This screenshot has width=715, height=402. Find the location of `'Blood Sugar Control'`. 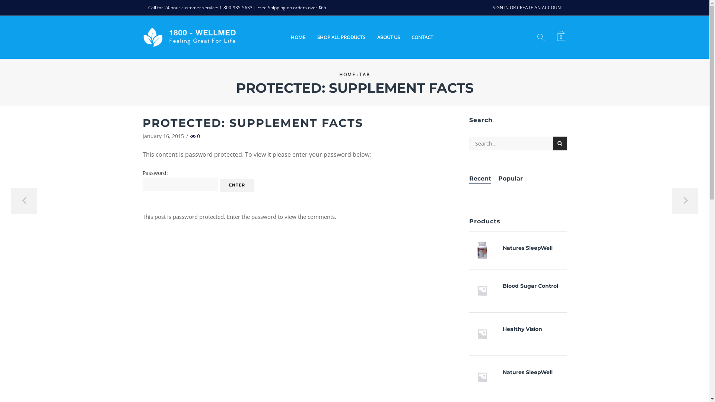

'Blood Sugar Control' is located at coordinates (486, 290).